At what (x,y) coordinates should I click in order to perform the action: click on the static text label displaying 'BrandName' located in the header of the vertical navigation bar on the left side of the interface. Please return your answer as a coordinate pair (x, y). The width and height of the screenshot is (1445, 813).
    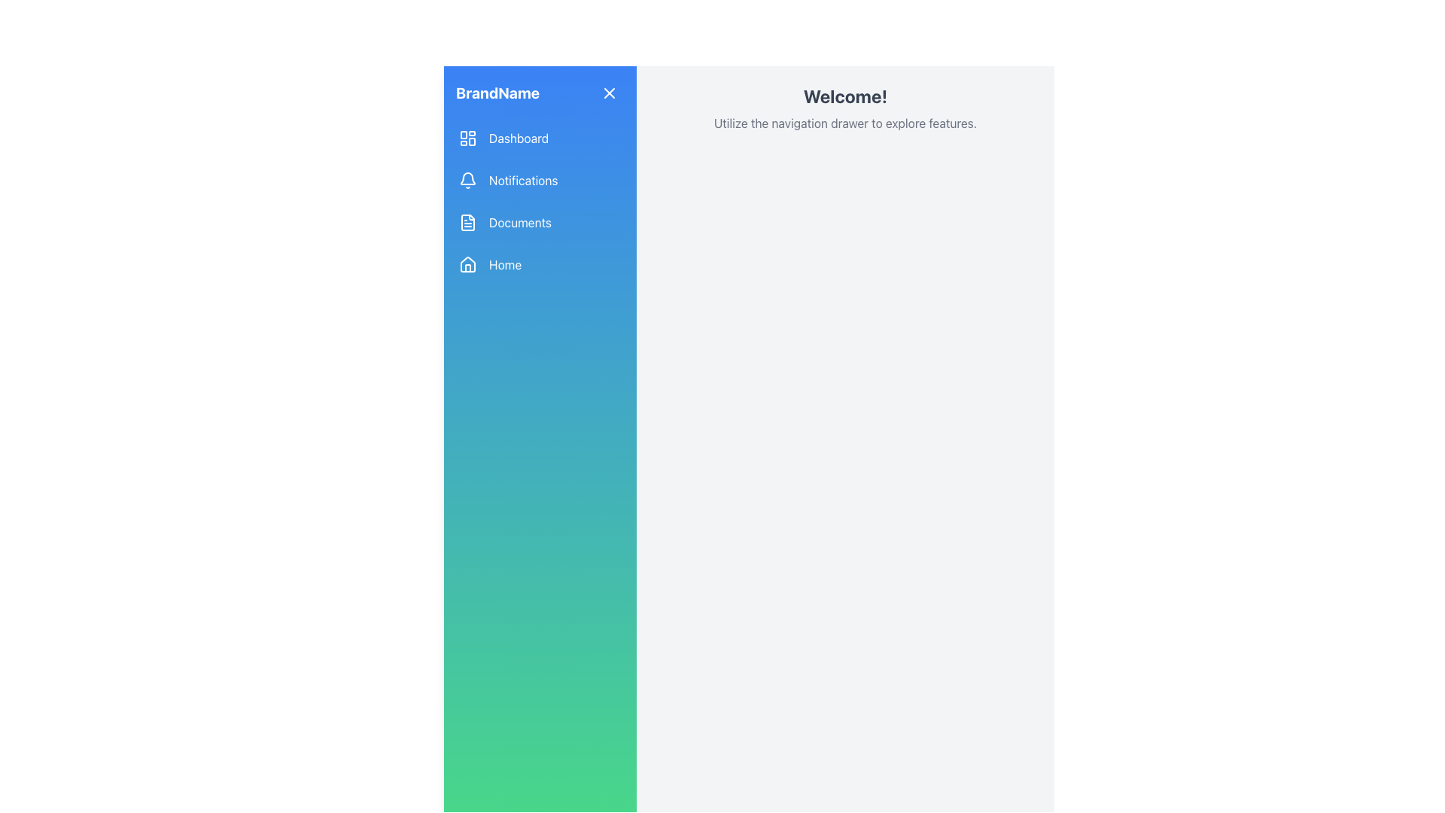
    Looking at the image, I should click on (497, 93).